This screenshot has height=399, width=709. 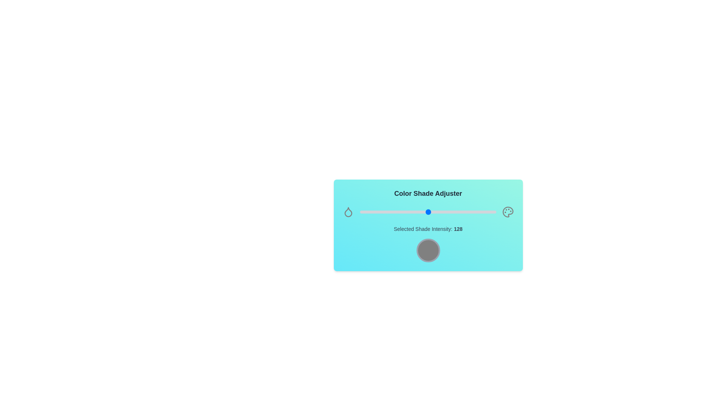 What do you see at coordinates (375, 212) in the screenshot?
I see `the shade intensity slider to 28 value` at bounding box center [375, 212].